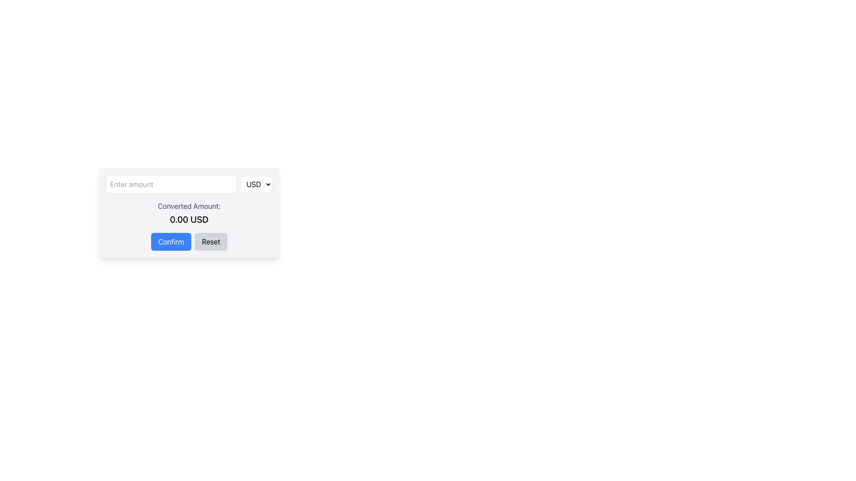 This screenshot has width=856, height=481. Describe the element at coordinates (171, 242) in the screenshot. I see `the 'Confirm' button, which is a rectangular button with rounded corners and a vivid blue background, to activate the hover effect` at that location.